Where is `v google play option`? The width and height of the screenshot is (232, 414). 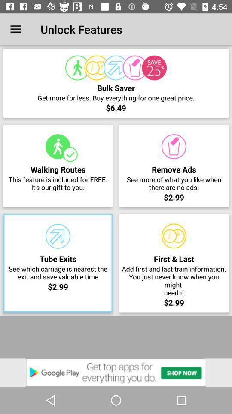
v google play option is located at coordinates (116, 372).